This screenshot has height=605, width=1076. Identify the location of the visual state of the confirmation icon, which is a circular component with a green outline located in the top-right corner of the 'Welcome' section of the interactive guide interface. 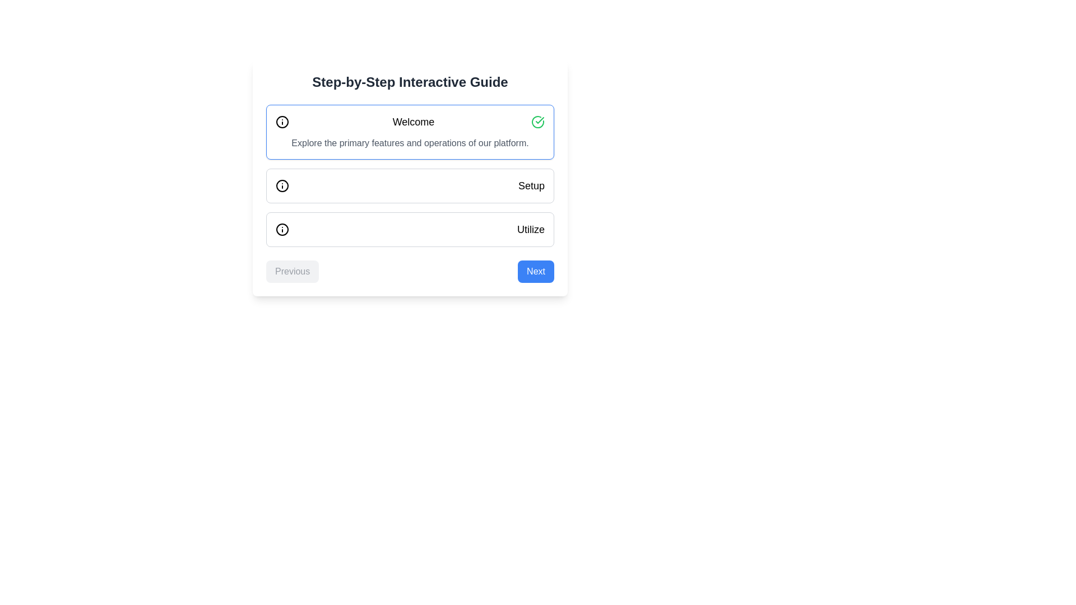
(538, 122).